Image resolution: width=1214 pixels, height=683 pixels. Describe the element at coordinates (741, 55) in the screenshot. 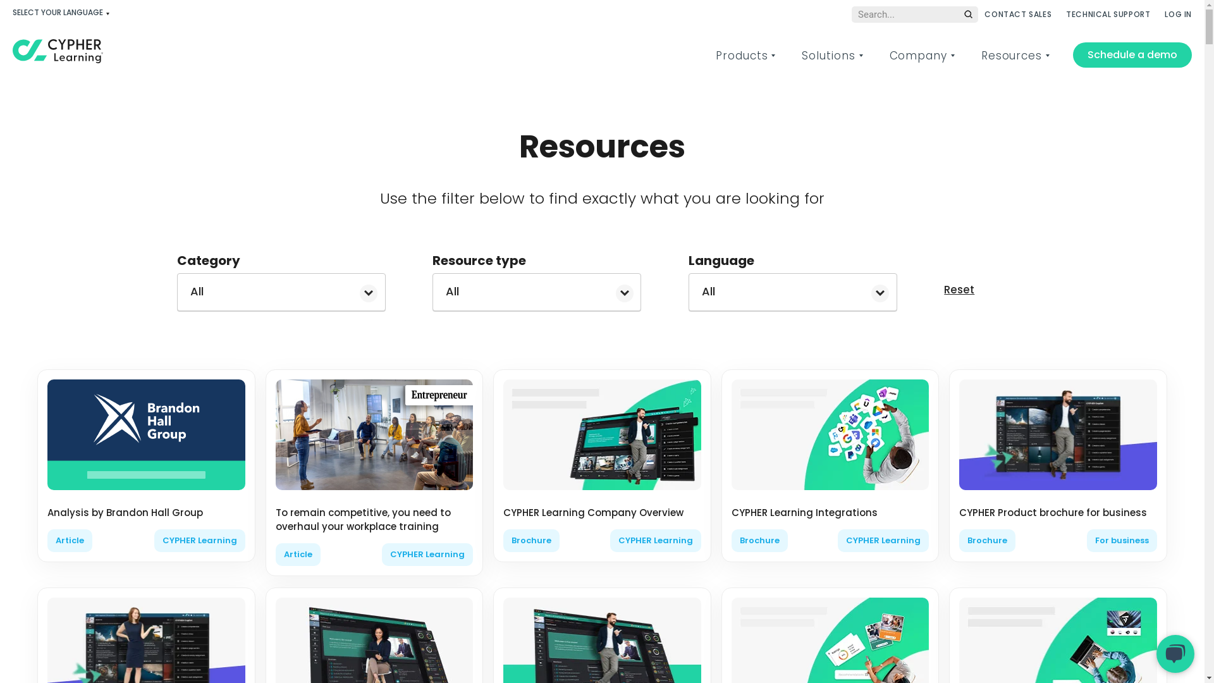

I see `'Products'` at that location.